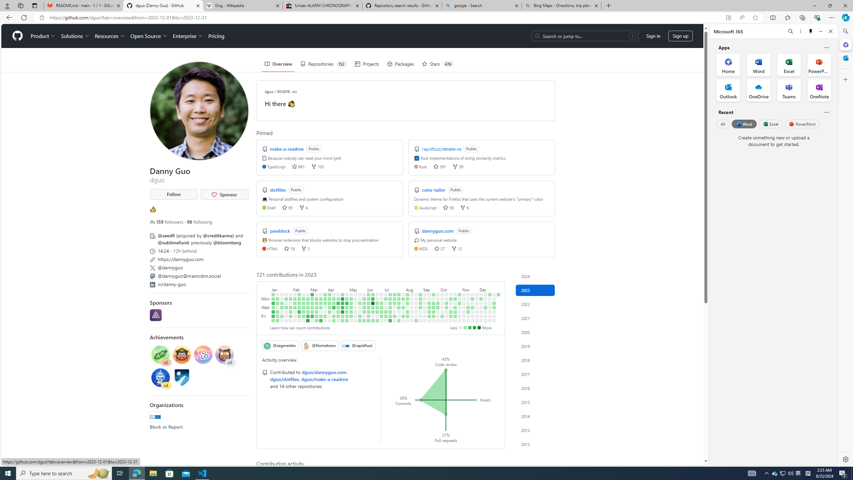 This screenshot has width=853, height=480. I want to click on 'September', so click(431, 288).